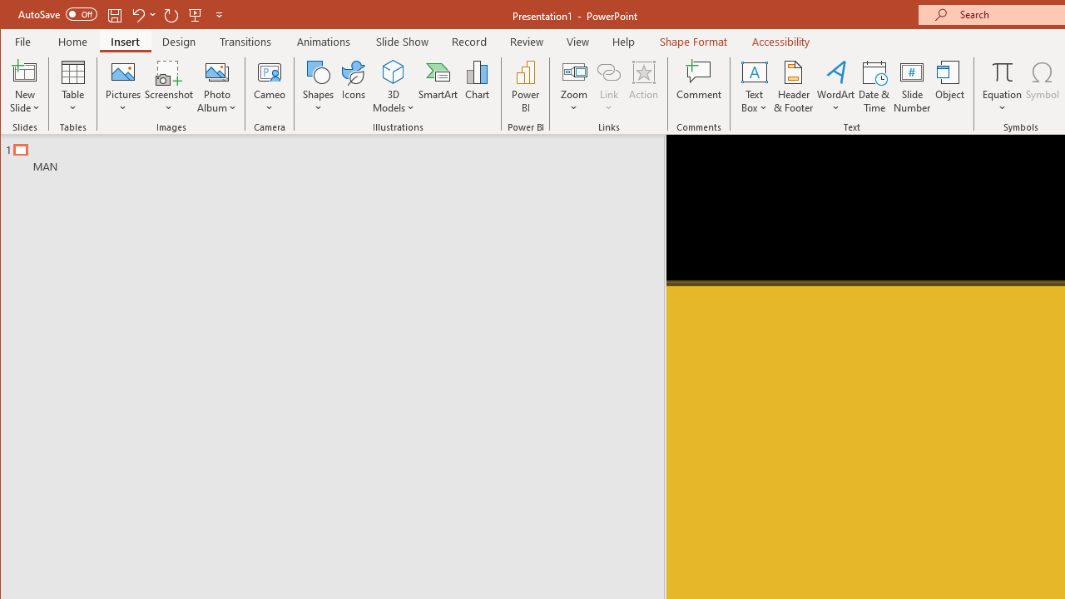  What do you see at coordinates (216, 71) in the screenshot?
I see `'New Photo Album...'` at bounding box center [216, 71].